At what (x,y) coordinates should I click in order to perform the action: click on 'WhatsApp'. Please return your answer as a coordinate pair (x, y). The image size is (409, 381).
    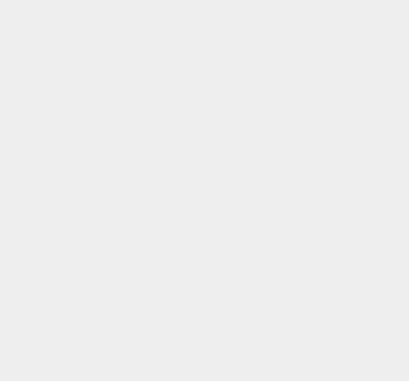
    Looking at the image, I should click on (289, 238).